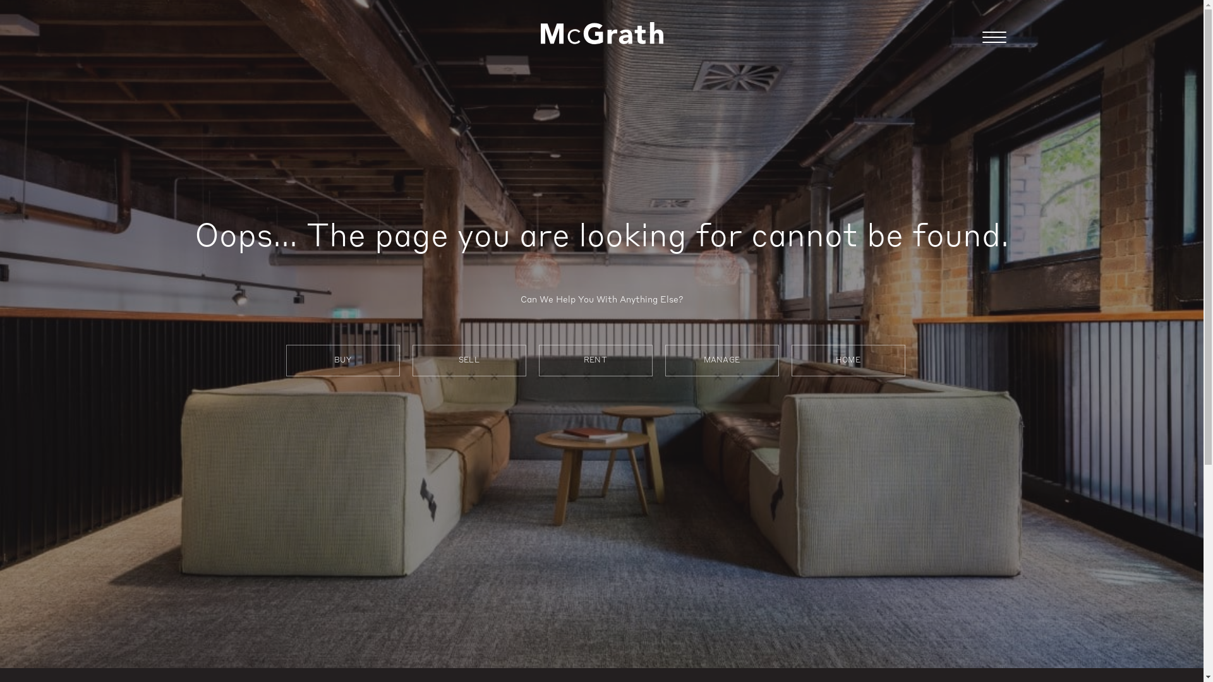 The image size is (1213, 682). Describe the element at coordinates (848, 360) in the screenshot. I see `'HOME'` at that location.